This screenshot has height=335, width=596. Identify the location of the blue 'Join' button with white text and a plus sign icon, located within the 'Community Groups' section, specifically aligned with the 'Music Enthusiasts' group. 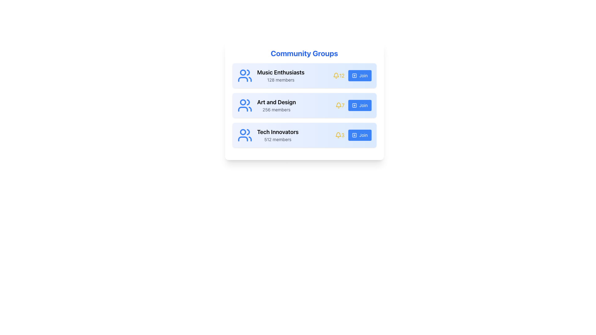
(360, 75).